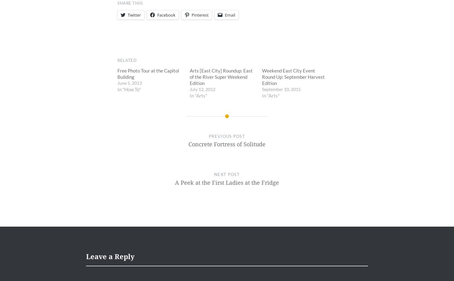 This screenshot has height=281, width=454. I want to click on 'Related', so click(126, 60).